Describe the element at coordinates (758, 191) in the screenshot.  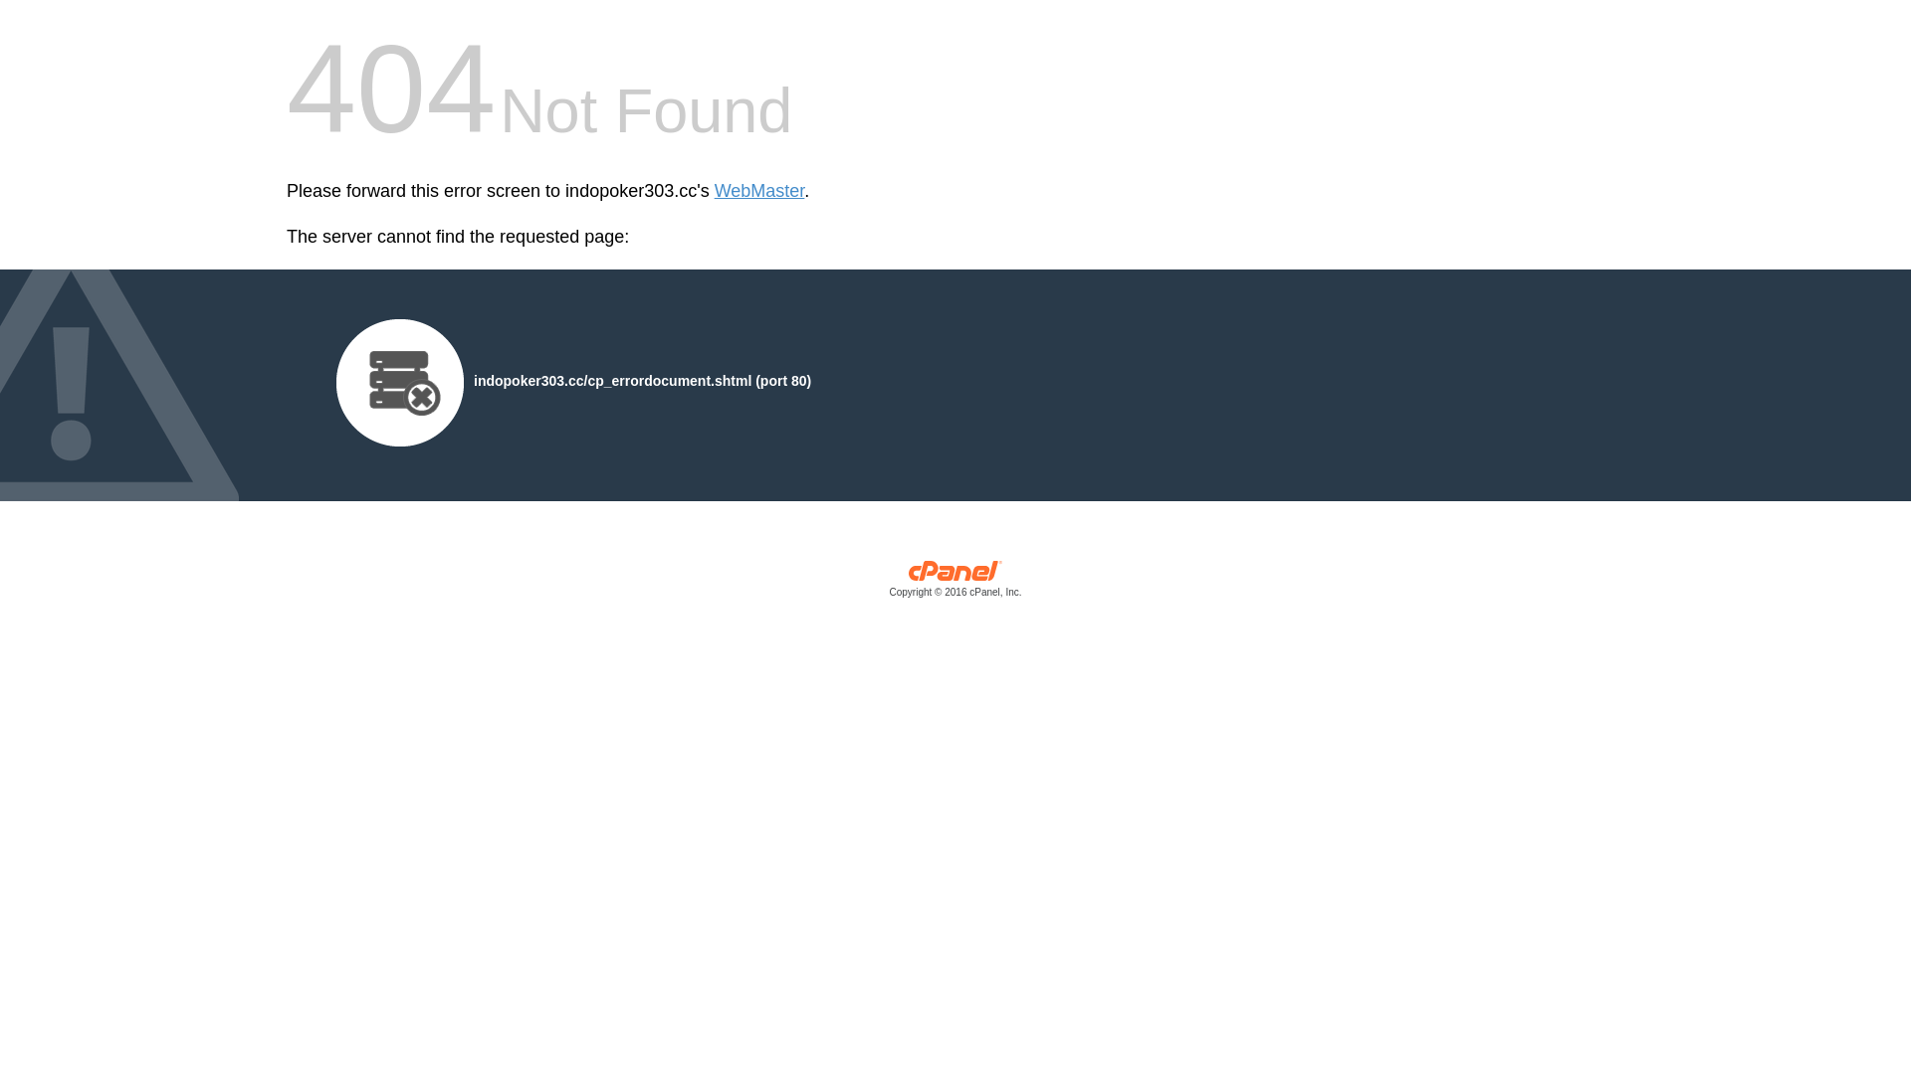
I see `'WebMaster'` at that location.